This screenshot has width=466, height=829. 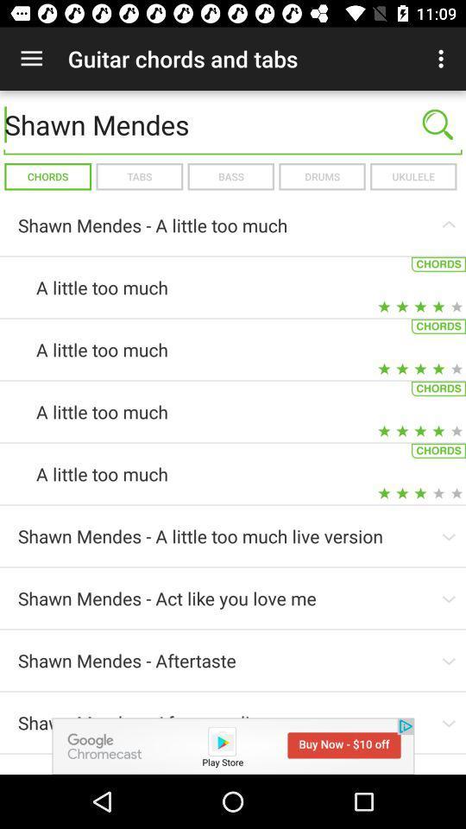 I want to click on the item below shawn mendes icon, so click(x=412, y=176).